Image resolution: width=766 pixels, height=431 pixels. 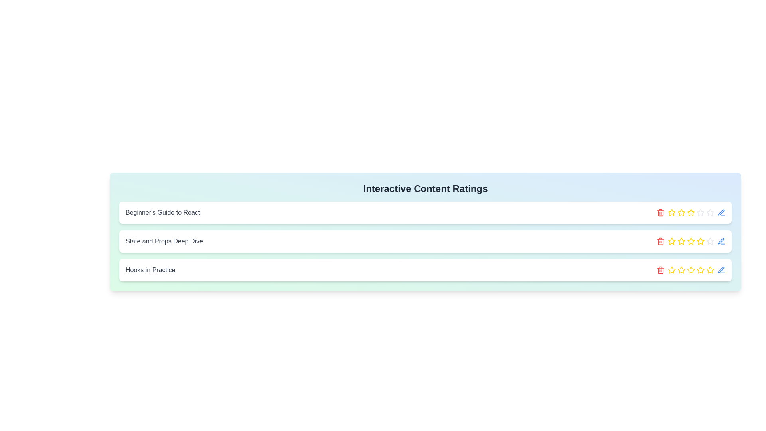 What do you see at coordinates (681, 241) in the screenshot?
I see `the third star in the rating system under the 'State and Props Deep Dive' content row to rate a value` at bounding box center [681, 241].